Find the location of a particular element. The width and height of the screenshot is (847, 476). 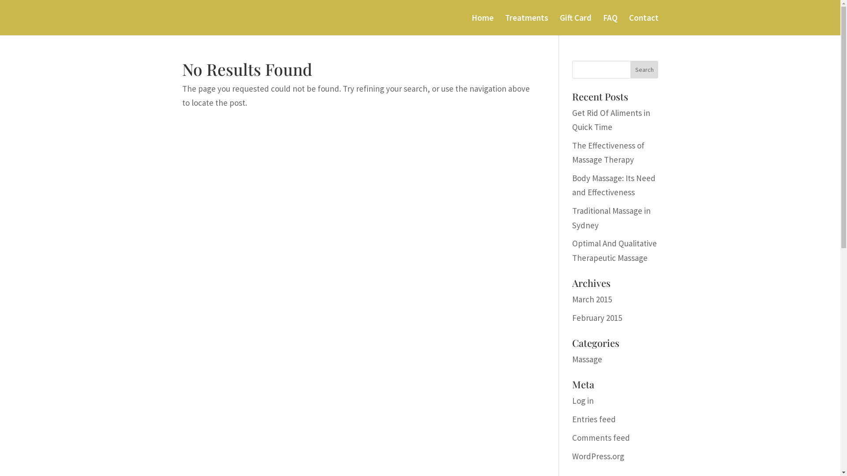

'WordPress.org' is located at coordinates (598, 456).